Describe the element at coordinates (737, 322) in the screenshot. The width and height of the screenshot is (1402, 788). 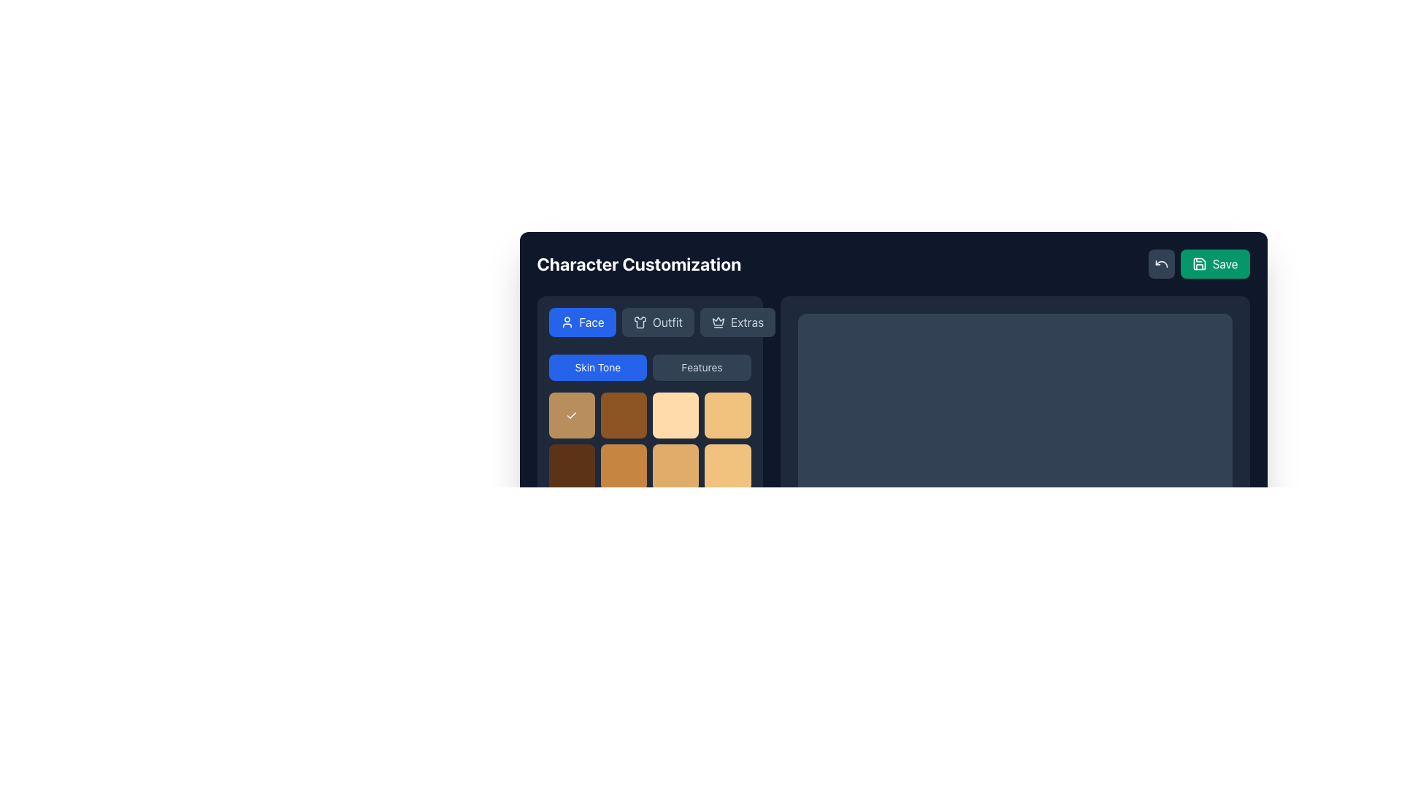
I see `the 'Extras' category selection button located to the far right of the button group under 'Character Customization'` at that location.